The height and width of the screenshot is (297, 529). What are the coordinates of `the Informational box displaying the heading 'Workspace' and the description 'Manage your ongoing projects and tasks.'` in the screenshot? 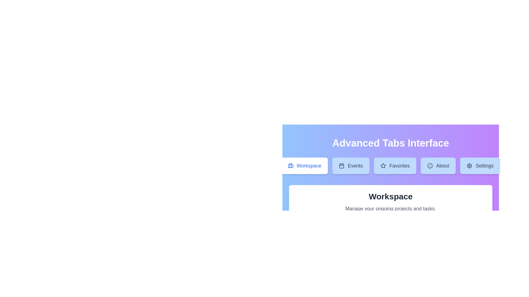 It's located at (390, 202).